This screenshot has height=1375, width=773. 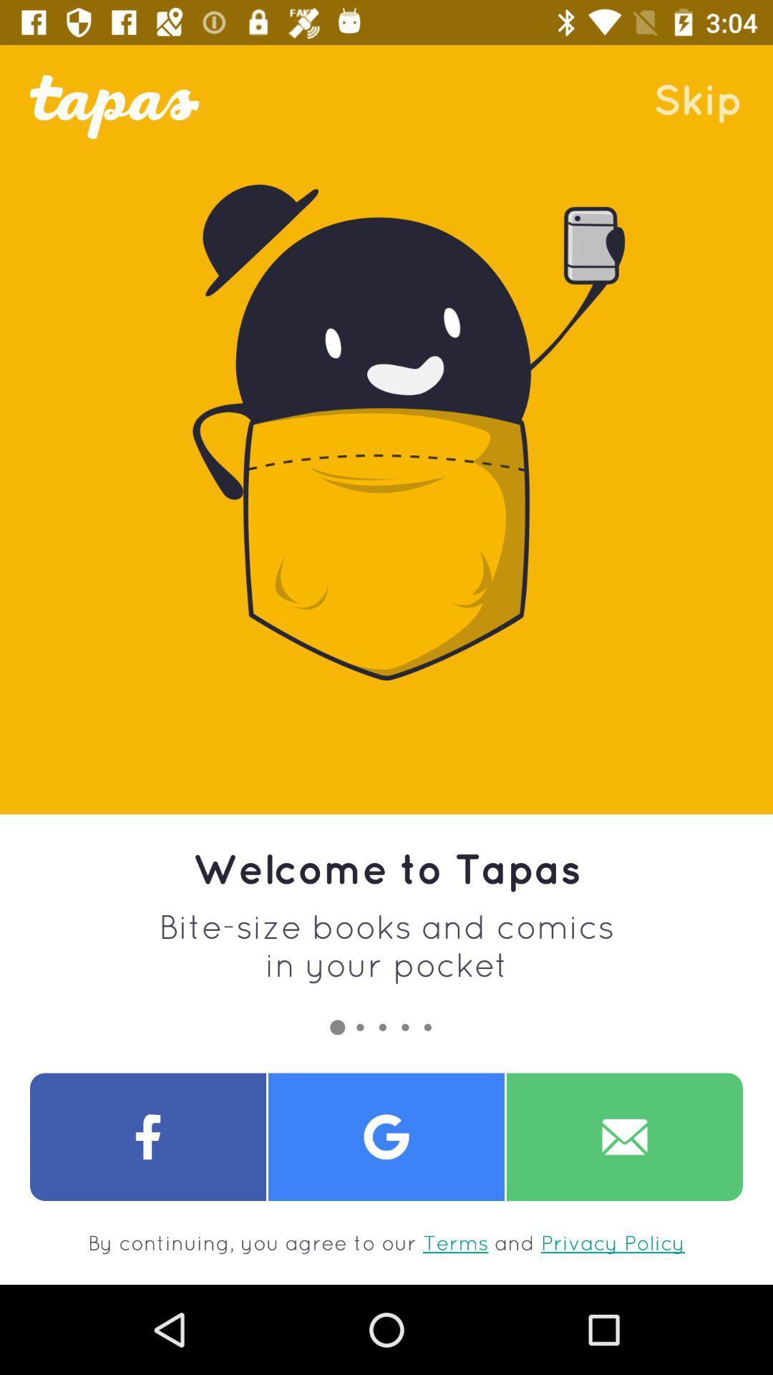 I want to click on the skip item, so click(x=697, y=98).